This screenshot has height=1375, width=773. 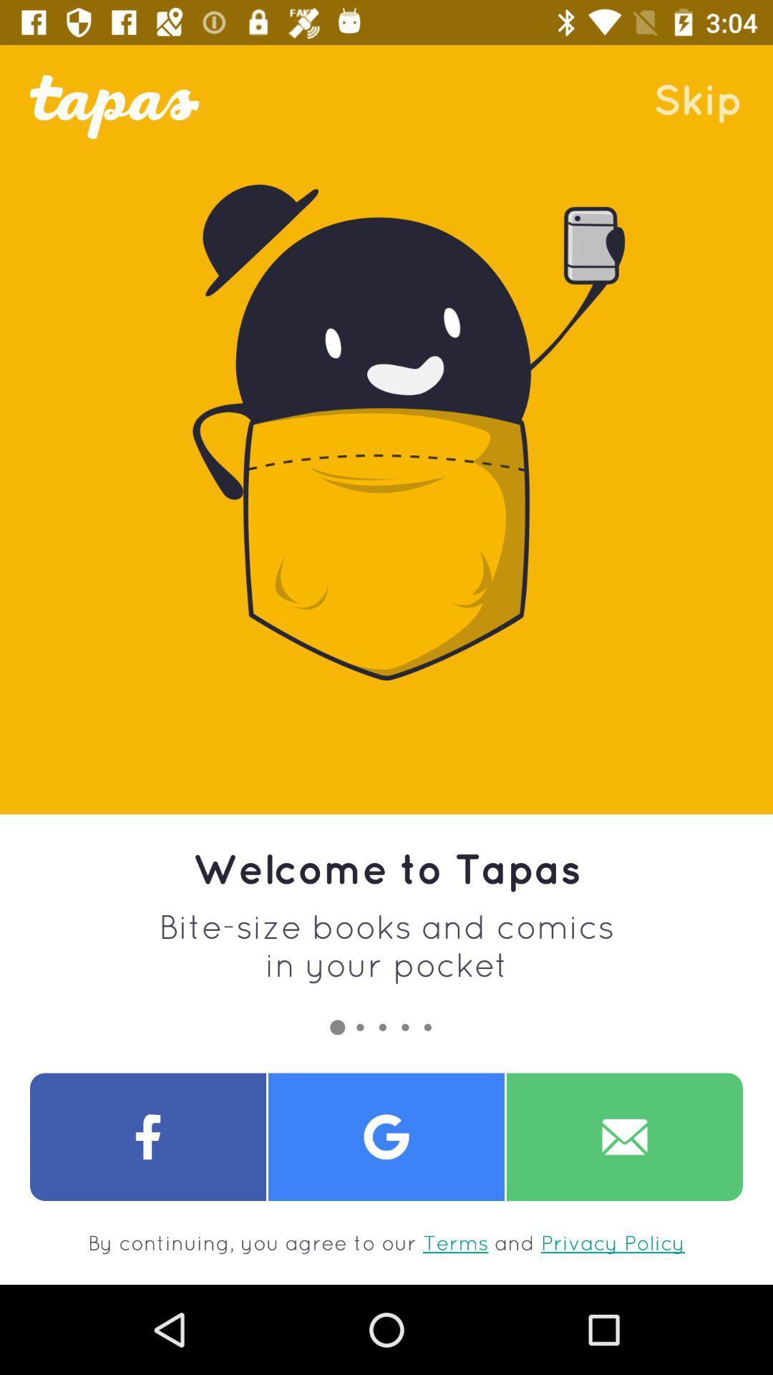 I want to click on the skip item, so click(x=697, y=98).